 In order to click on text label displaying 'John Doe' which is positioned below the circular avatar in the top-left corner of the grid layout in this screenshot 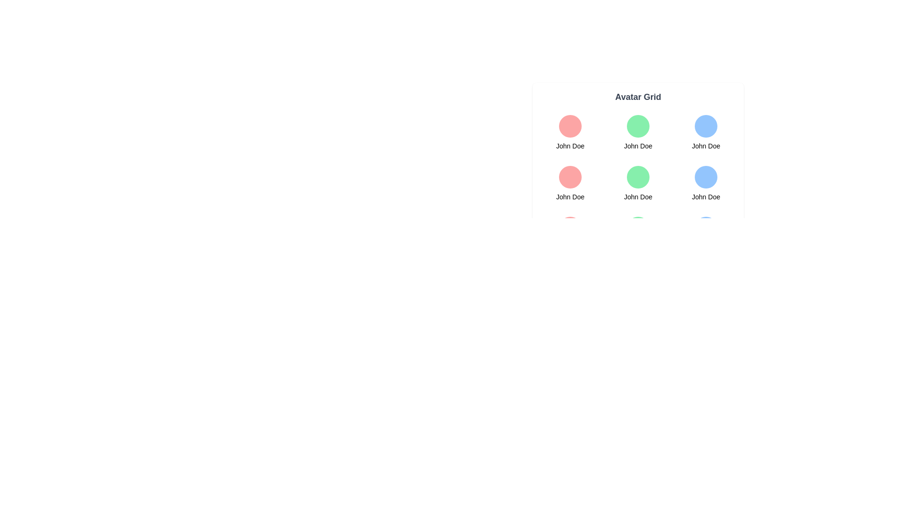, I will do `click(569, 146)`.